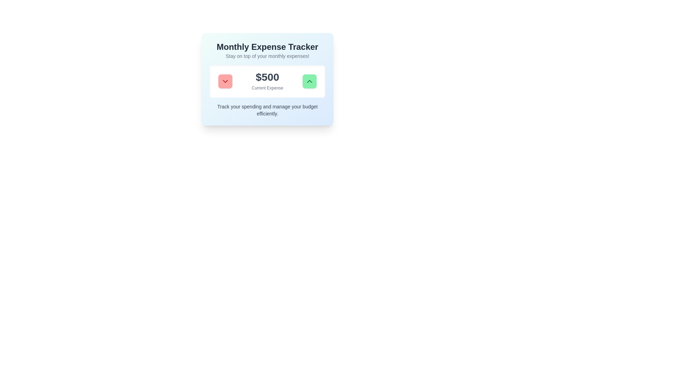 The image size is (674, 379). I want to click on the text element reading 'Monthly Expense Tracker' to interact with the associated content below it, so click(267, 47).